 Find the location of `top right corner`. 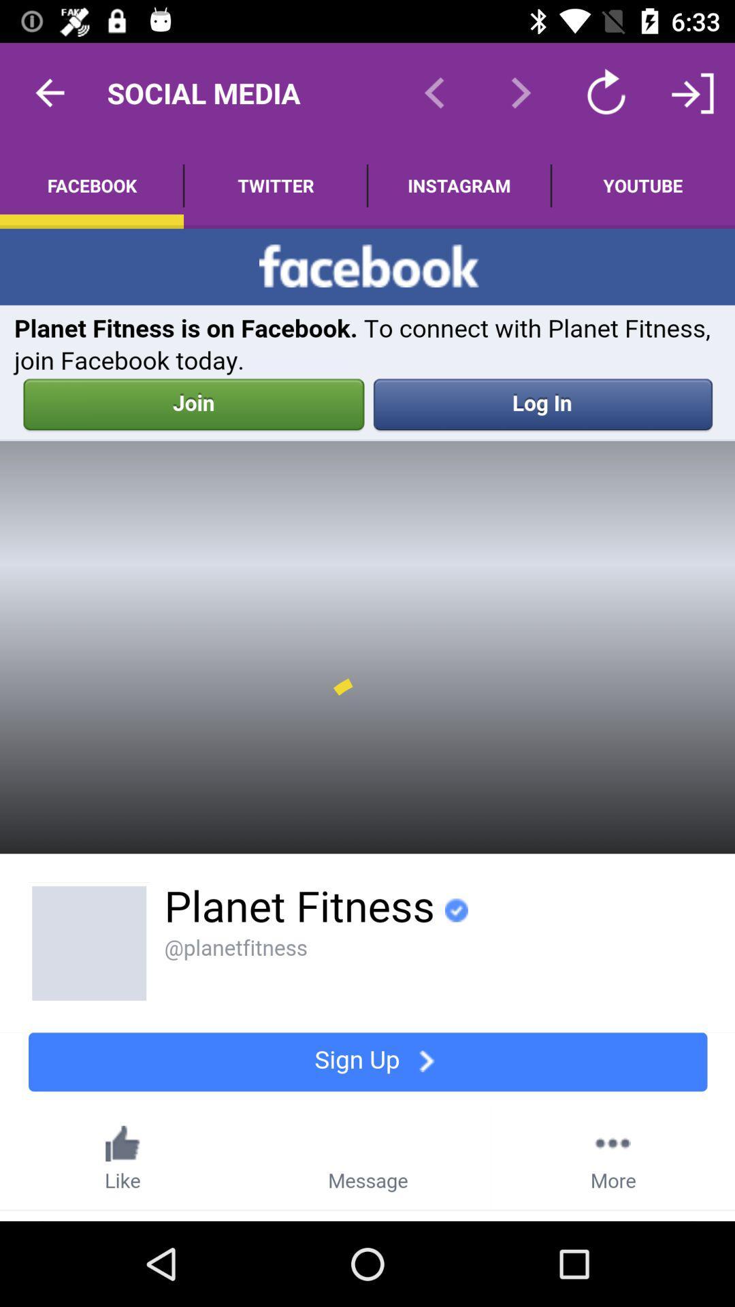

top right corner is located at coordinates (692, 93).